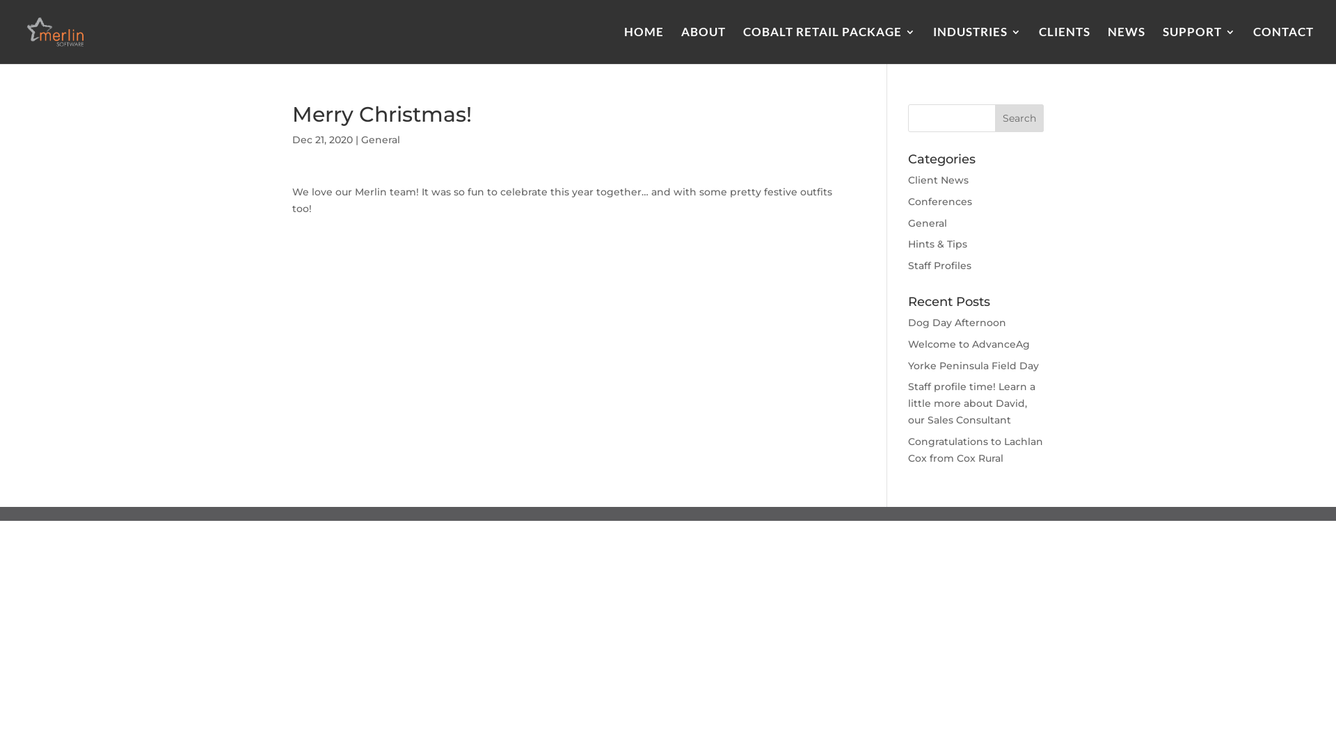  What do you see at coordinates (681, 45) in the screenshot?
I see `'ABOUT'` at bounding box center [681, 45].